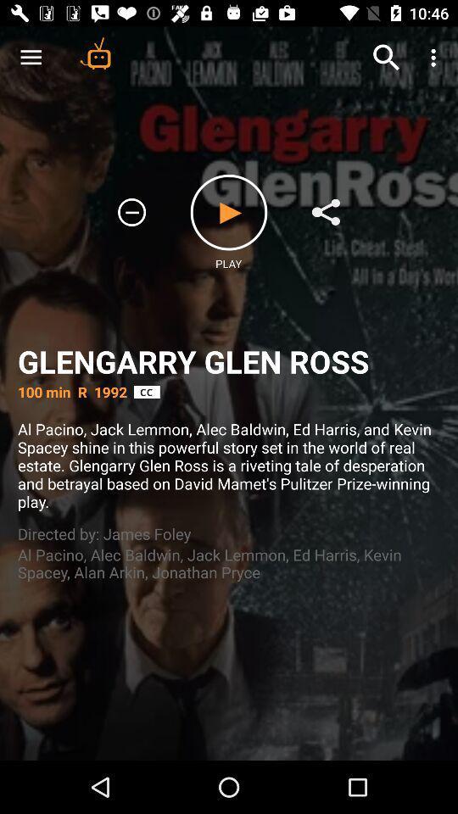 Image resolution: width=458 pixels, height=814 pixels. I want to click on the share icon, so click(326, 211).